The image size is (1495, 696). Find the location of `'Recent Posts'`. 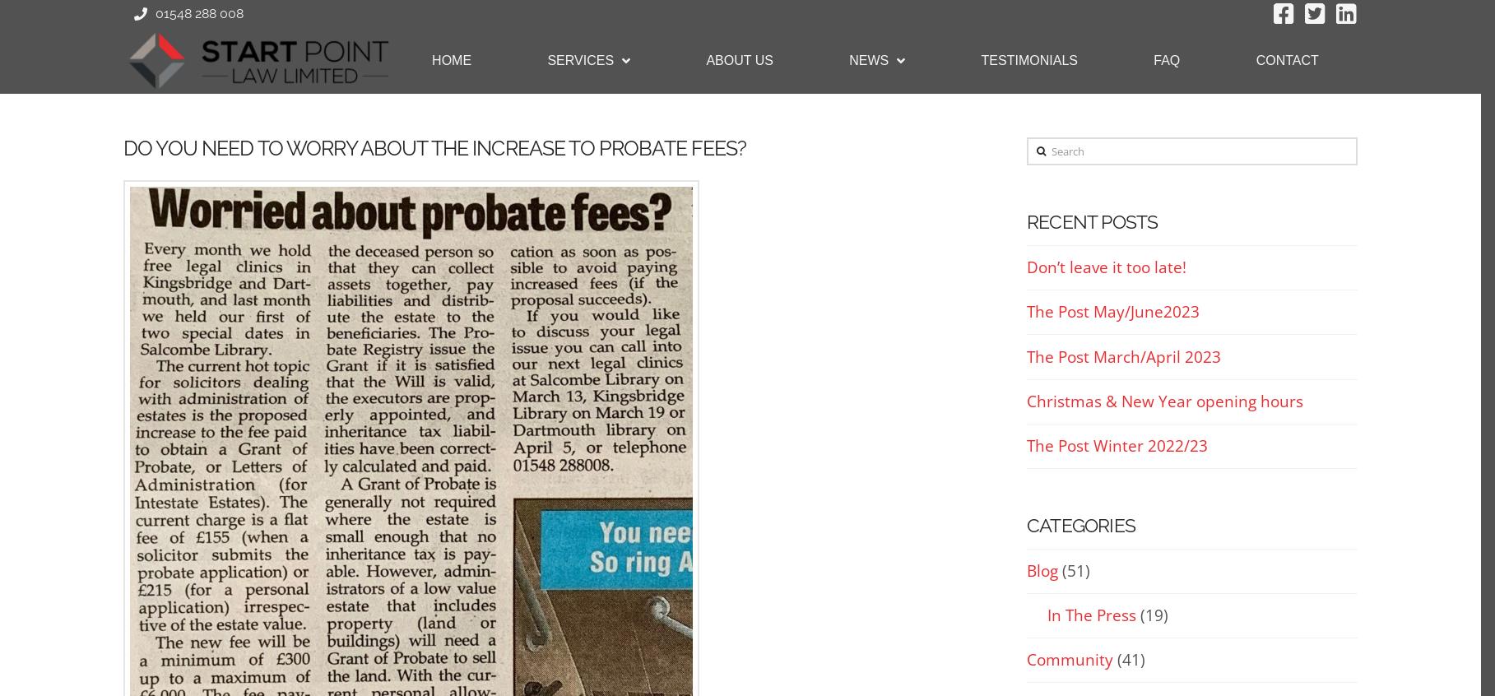

'Recent Posts' is located at coordinates (1092, 221).